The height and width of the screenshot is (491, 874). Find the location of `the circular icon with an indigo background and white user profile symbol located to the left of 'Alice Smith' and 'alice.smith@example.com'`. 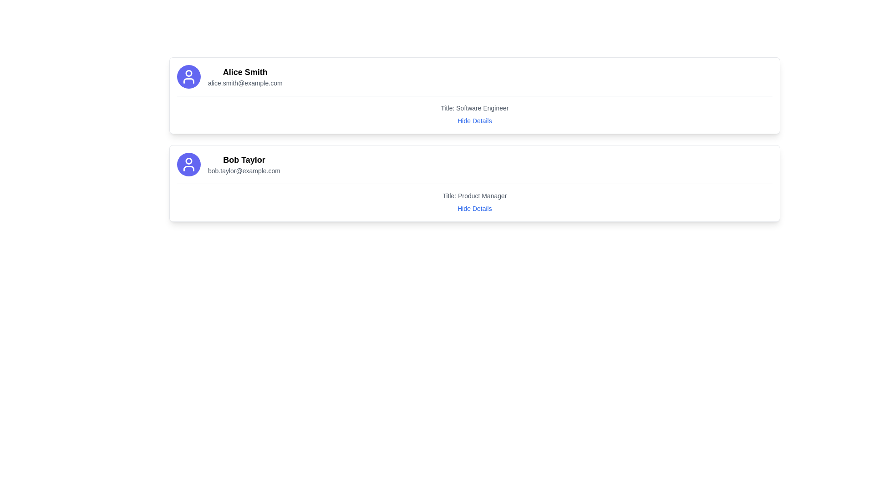

the circular icon with an indigo background and white user profile symbol located to the left of 'Alice Smith' and 'alice.smith@example.com' is located at coordinates (188, 76).